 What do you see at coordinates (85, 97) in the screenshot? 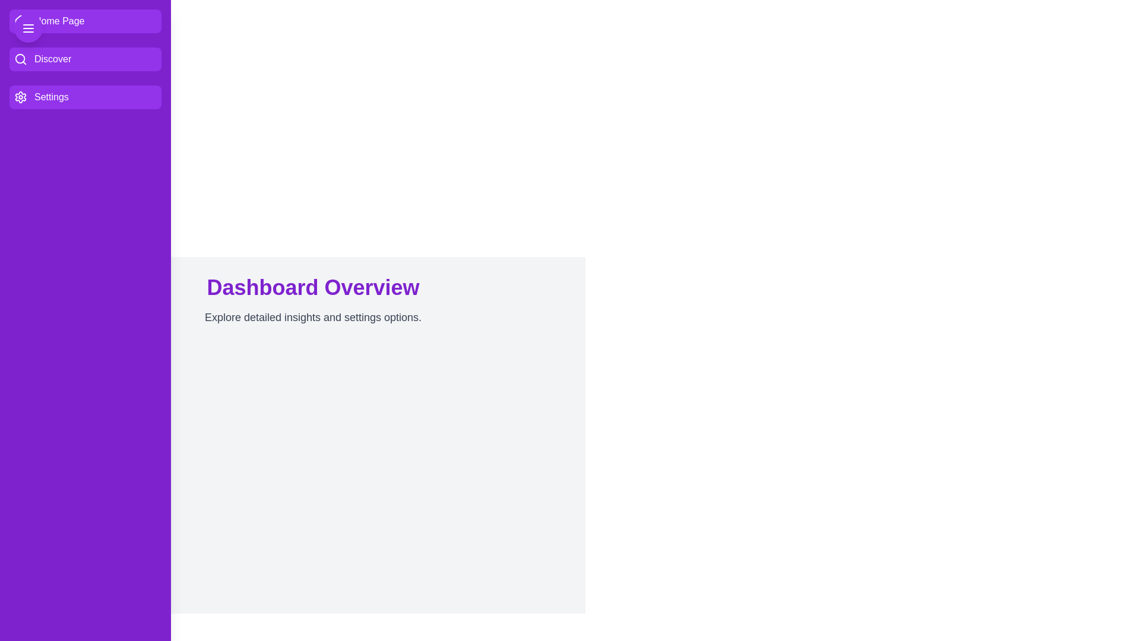
I see `the 'Settings' button in the drawer to navigate to the 'Settings' section` at bounding box center [85, 97].